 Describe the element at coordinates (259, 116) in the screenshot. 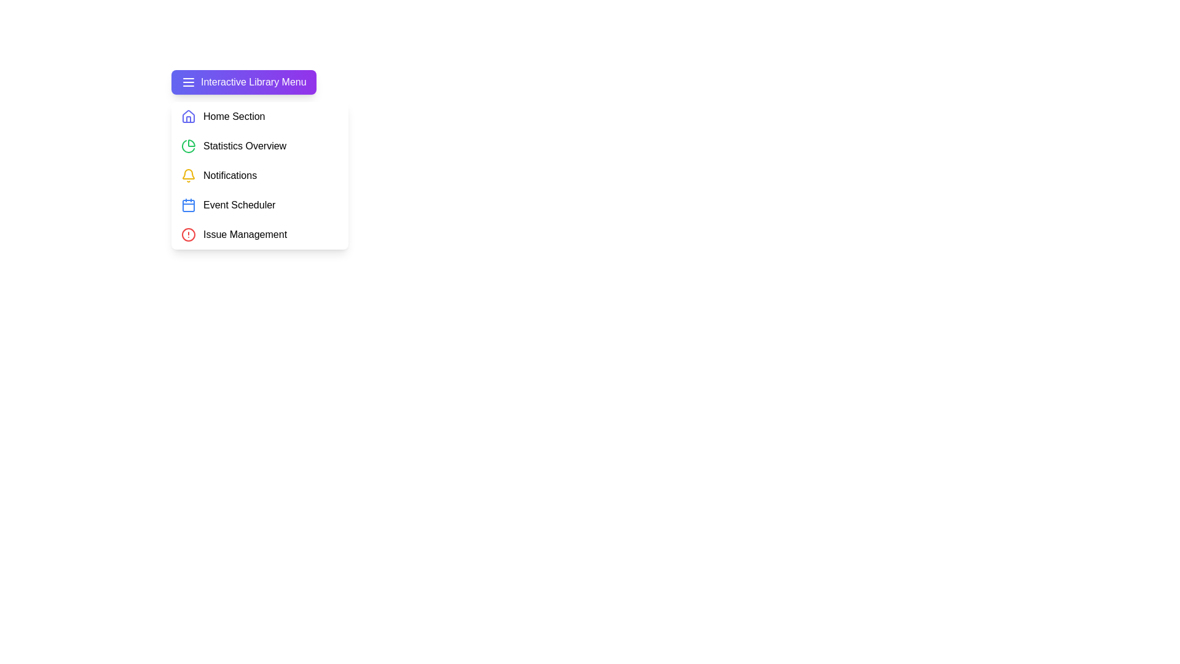

I see `the menu item Home Section from the LibraryMenu` at that location.